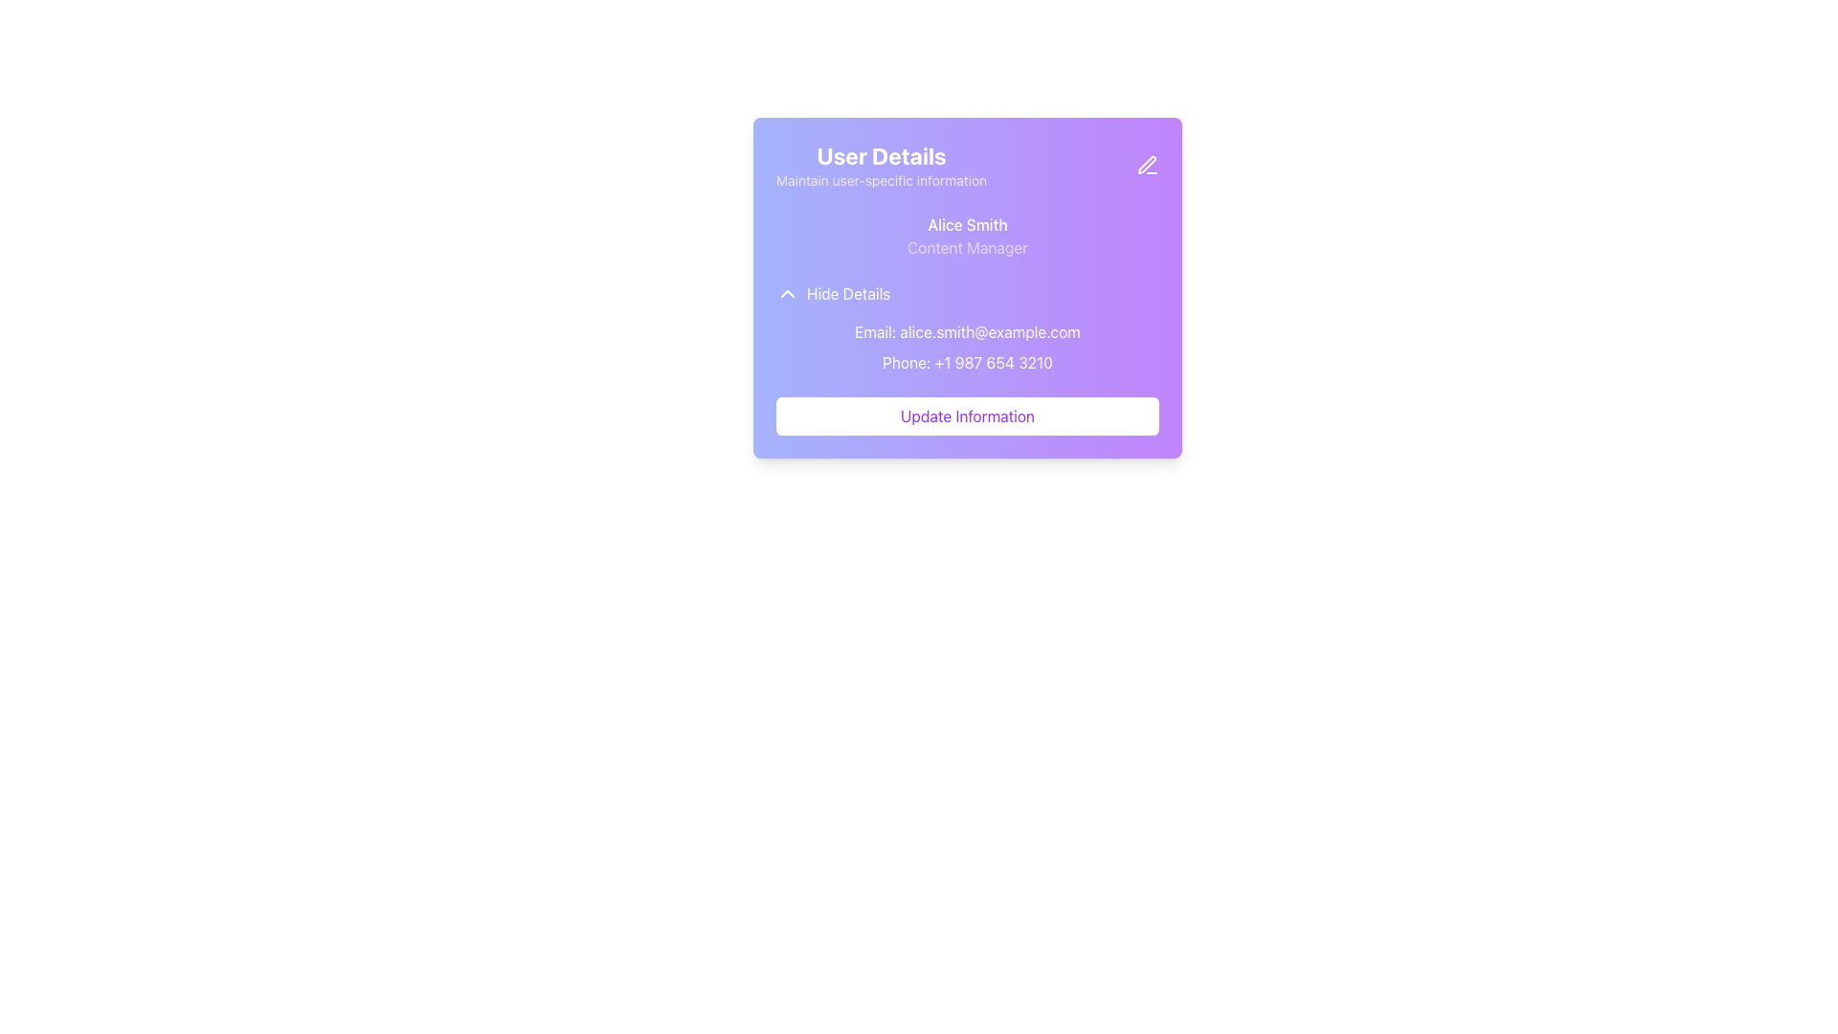  What do you see at coordinates (968, 331) in the screenshot?
I see `static text element displaying the email address 'Email: alice.smith@example.com', which is visually represented in white color on a purple background, positioned above the phone number text` at bounding box center [968, 331].